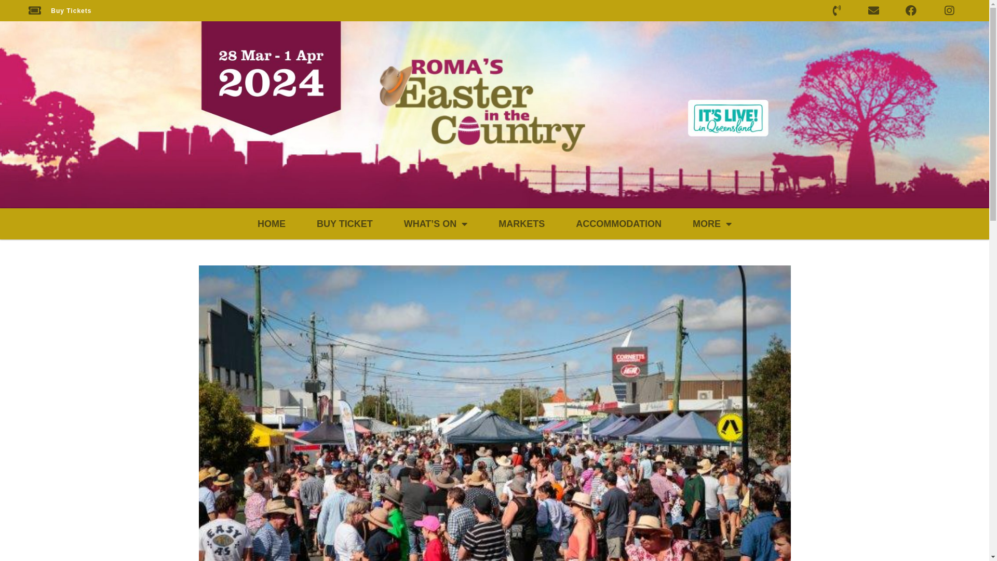 The image size is (997, 561). Describe the element at coordinates (272, 223) in the screenshot. I see `'HOME'` at that location.